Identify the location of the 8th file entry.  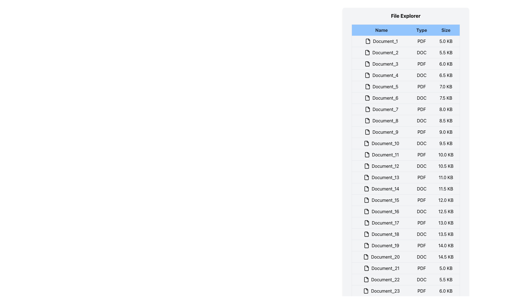
(406, 120).